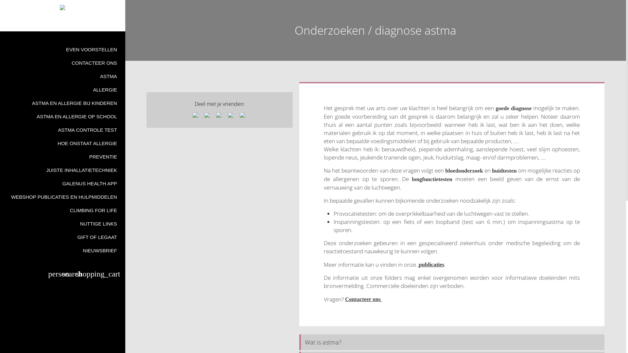 This screenshot has width=628, height=353. I want to click on 'Astma en Allergiekoepel vzw Facebook', so click(59, 23).